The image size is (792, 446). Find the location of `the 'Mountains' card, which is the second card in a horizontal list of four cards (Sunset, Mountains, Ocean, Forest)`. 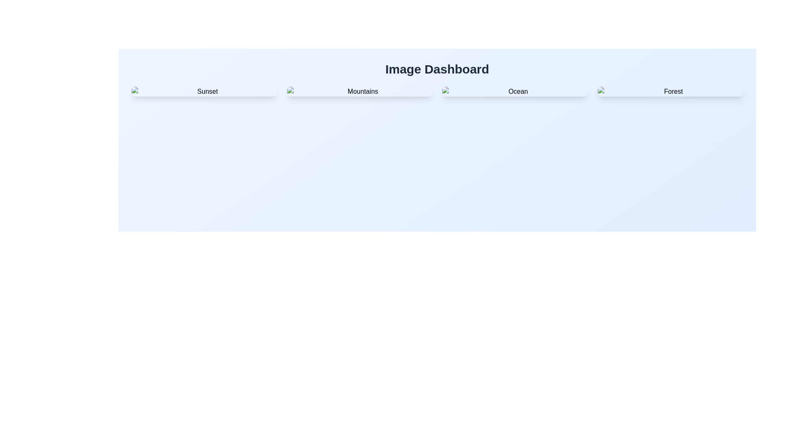

the 'Mountains' card, which is the second card in a horizontal list of four cards (Sunset, Mountains, Ocean, Forest) is located at coordinates (359, 92).